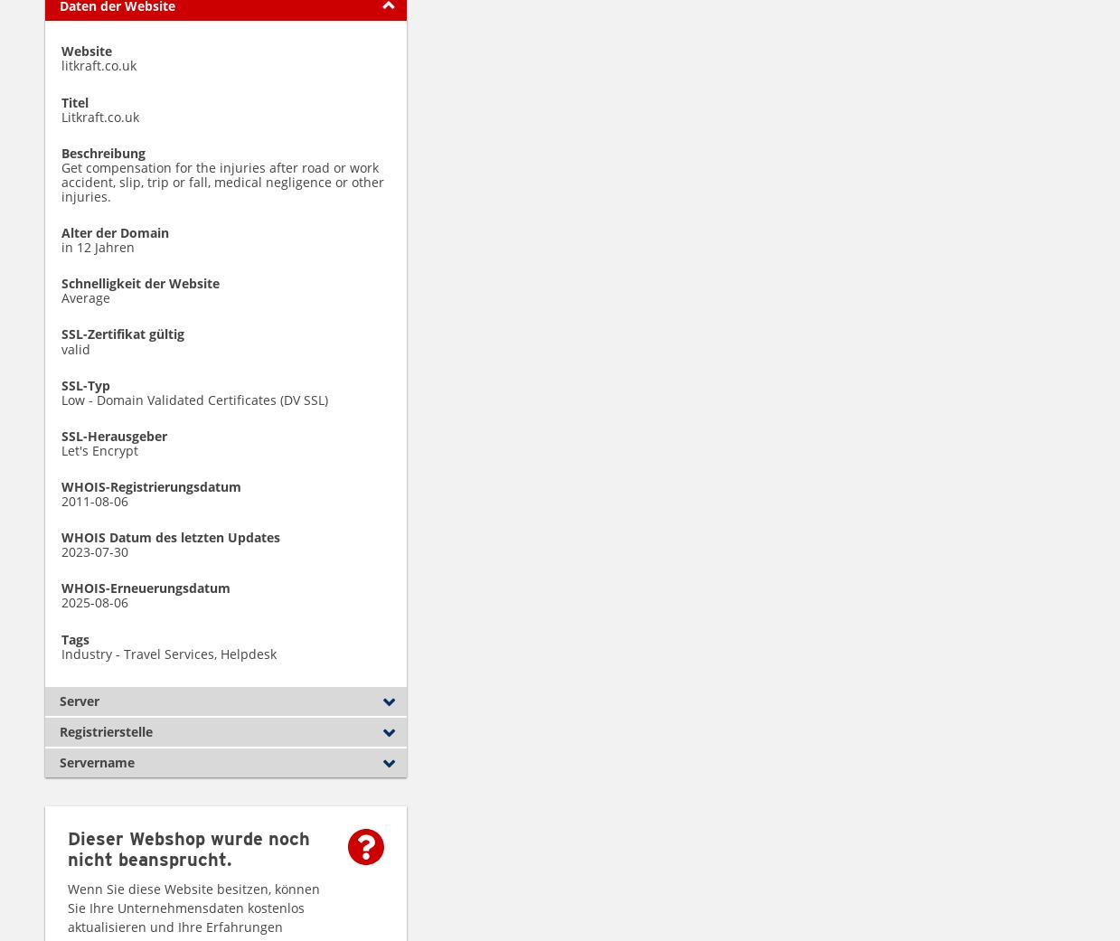 The height and width of the screenshot is (941, 1120). Describe the element at coordinates (167, 652) in the screenshot. I see `'Industry - Travel Services, Helpdesk'` at that location.